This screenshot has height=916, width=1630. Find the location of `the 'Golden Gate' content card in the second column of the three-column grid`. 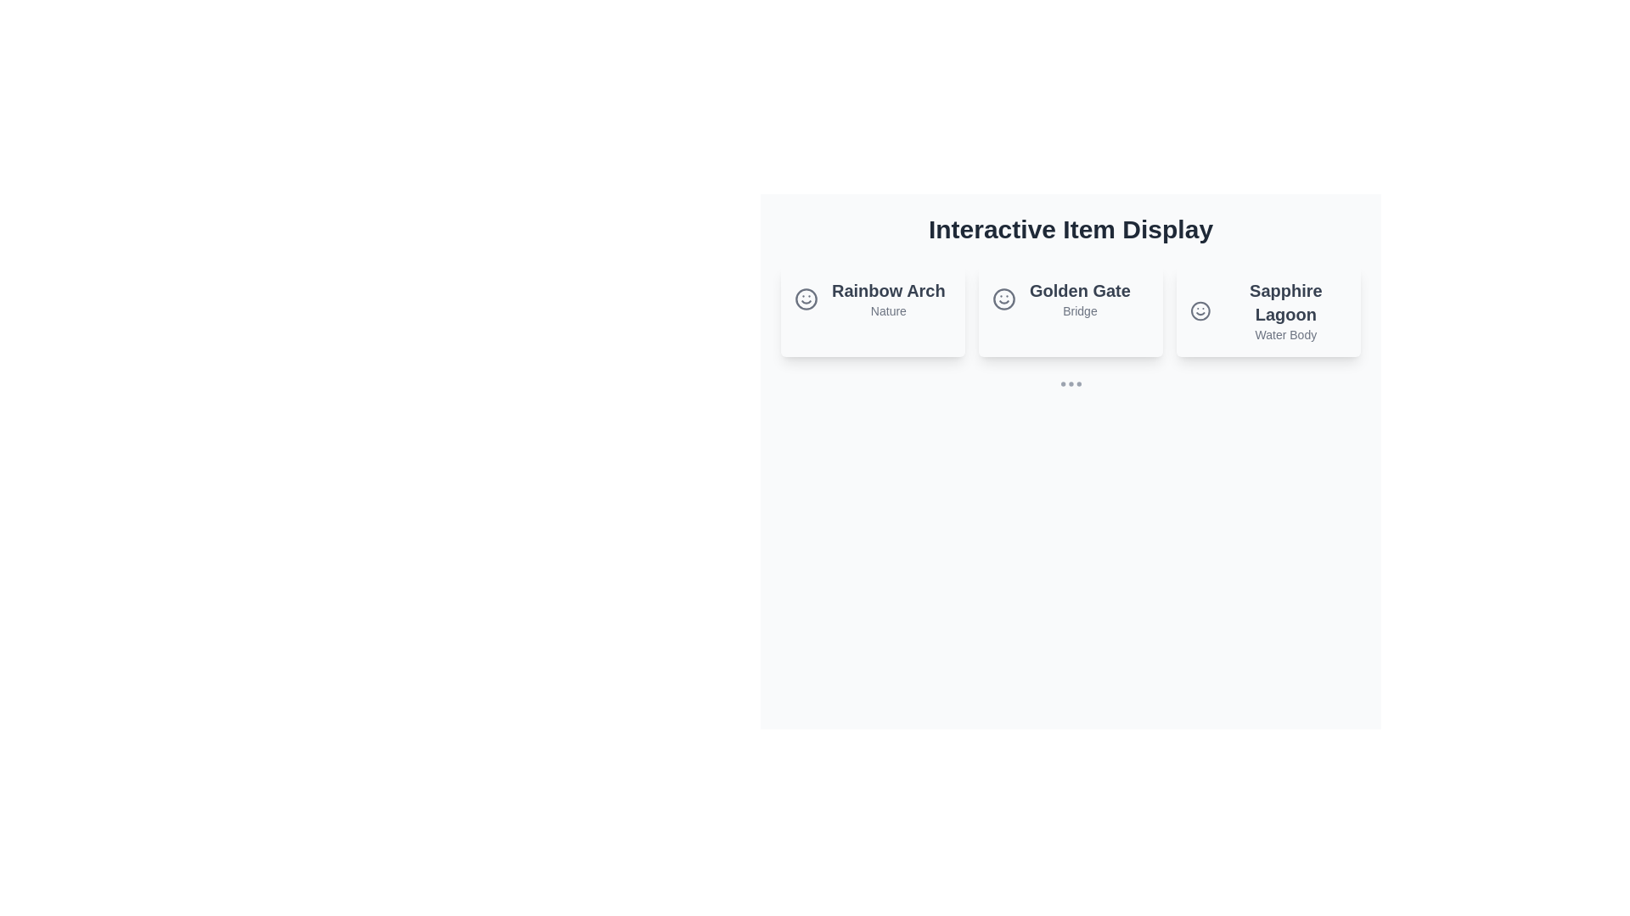

the 'Golden Gate' content card in the second column of the three-column grid is located at coordinates (1070, 310).